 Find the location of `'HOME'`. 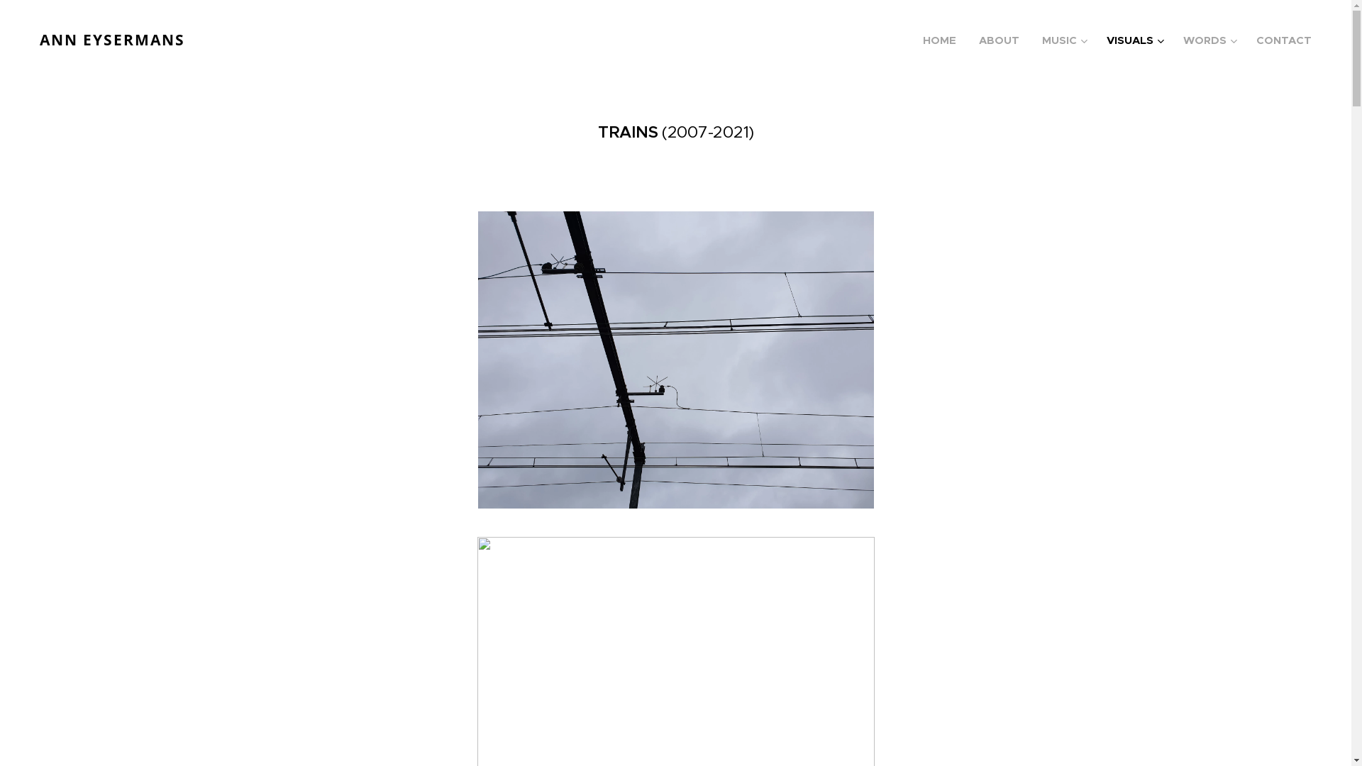

'HOME' is located at coordinates (943, 40).